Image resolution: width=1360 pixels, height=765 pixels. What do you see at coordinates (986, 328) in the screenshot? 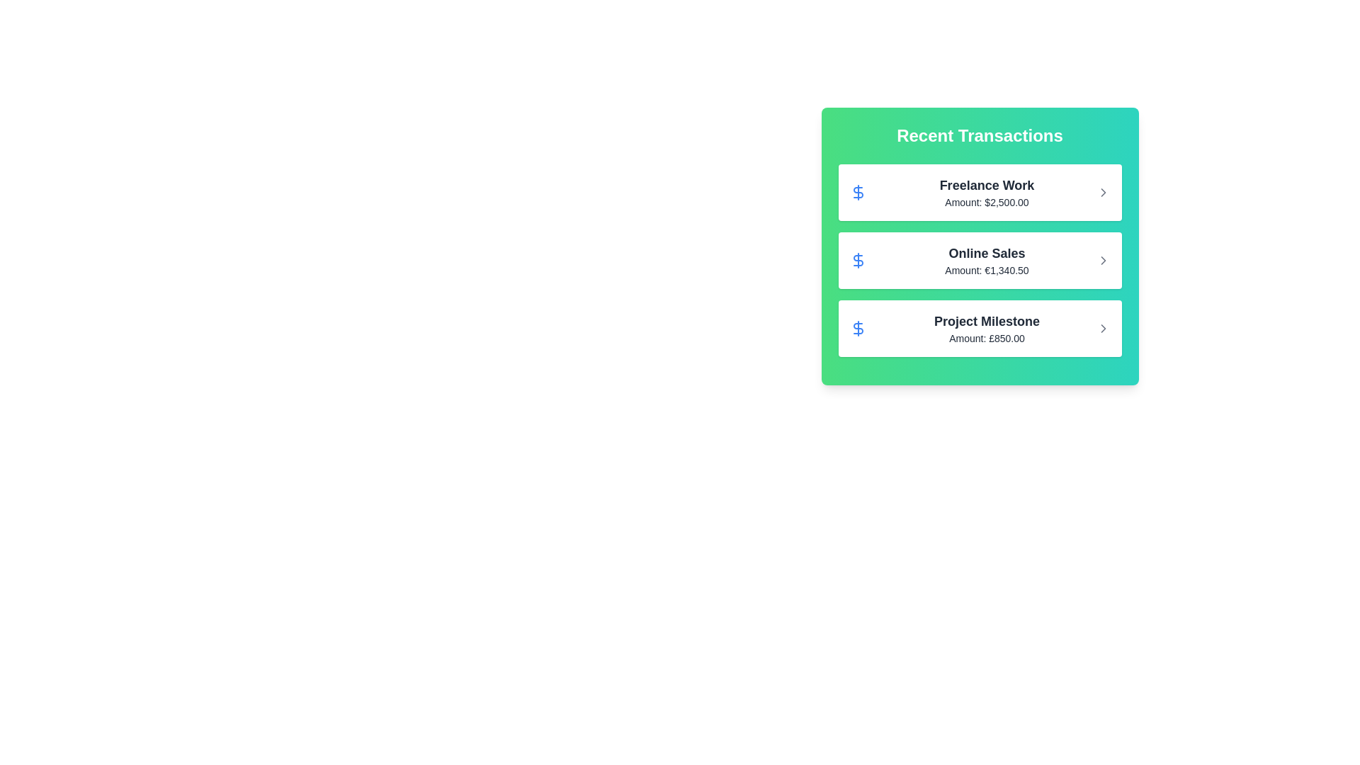
I see `the label displaying multi-line text for a specific transaction under 'Recent Transactions'` at bounding box center [986, 328].